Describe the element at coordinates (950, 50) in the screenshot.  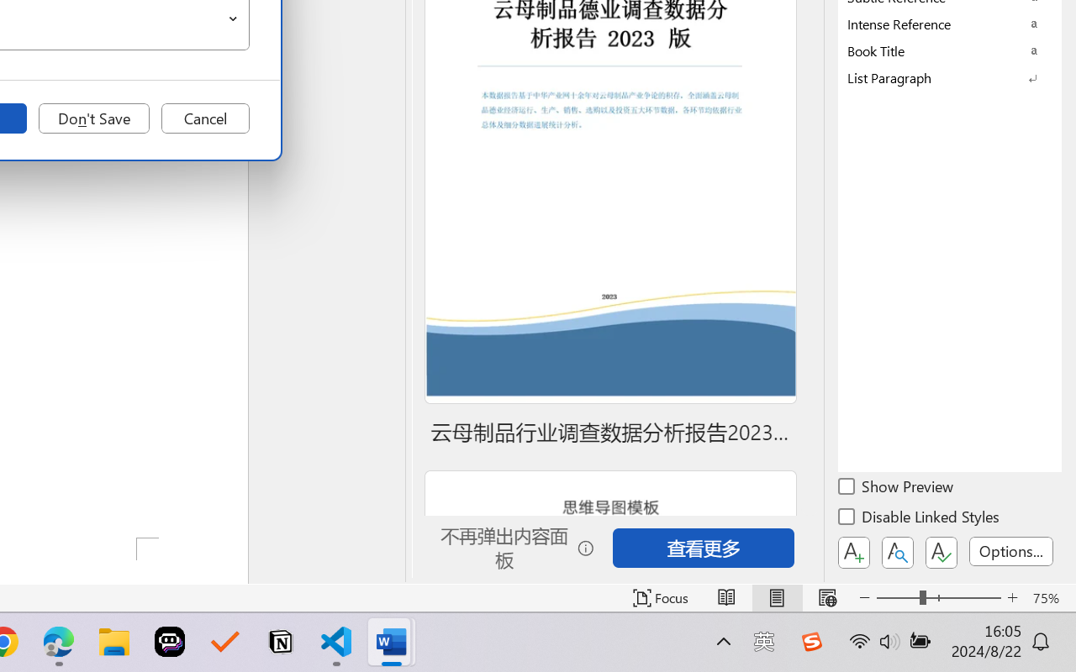
I see `'Book Title'` at that location.